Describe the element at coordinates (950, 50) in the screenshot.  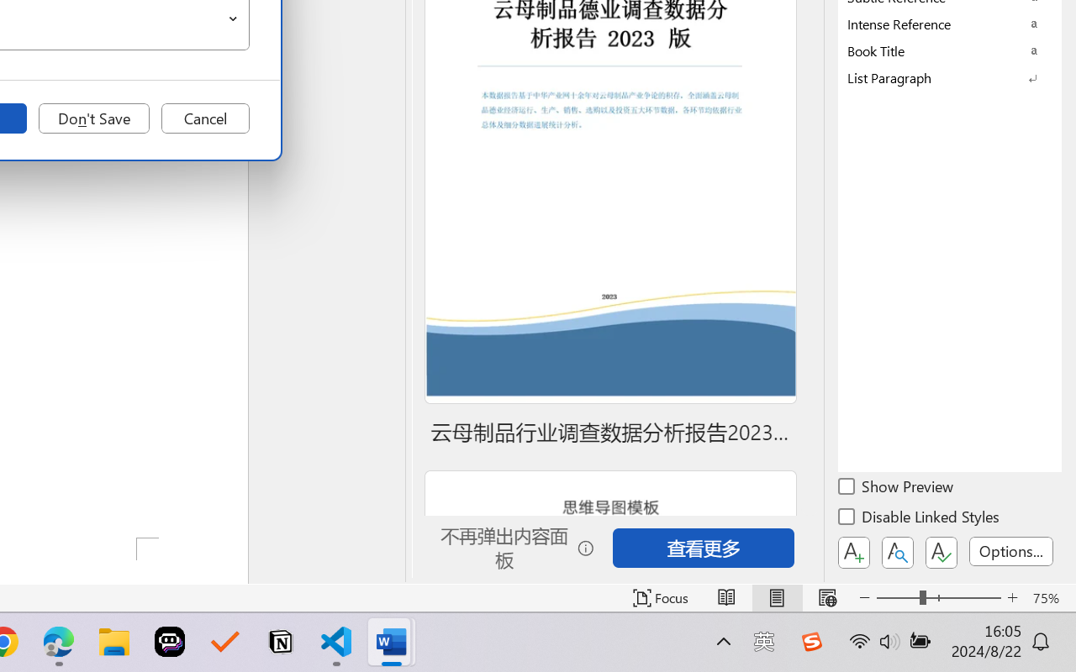
I see `'Book Title'` at that location.